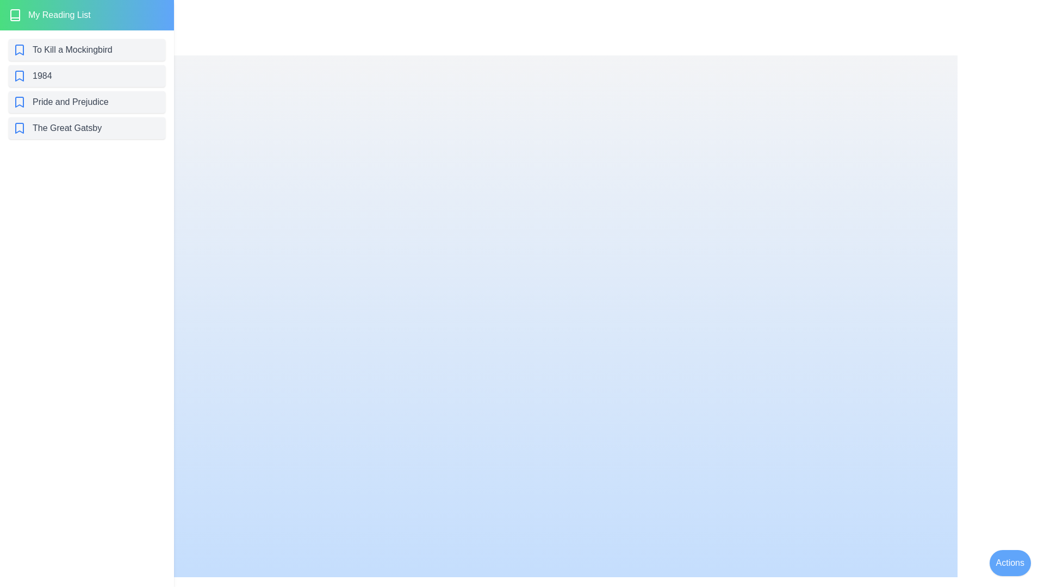  I want to click on the book titled The Great Gatsby from the list, so click(86, 127).